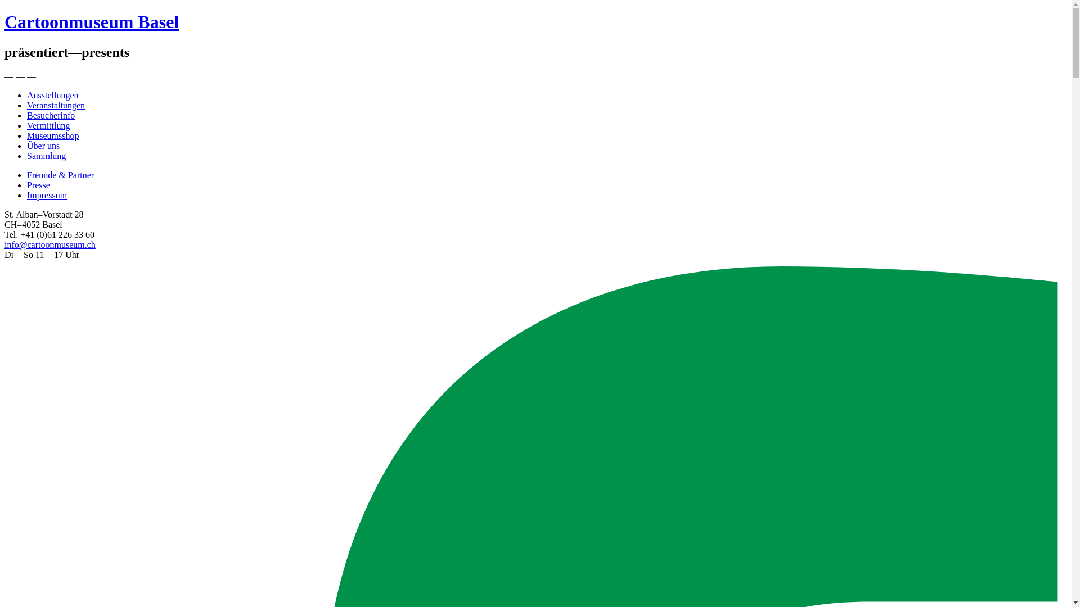  What do you see at coordinates (49, 244) in the screenshot?
I see `'info@cartoonmuseum.ch'` at bounding box center [49, 244].